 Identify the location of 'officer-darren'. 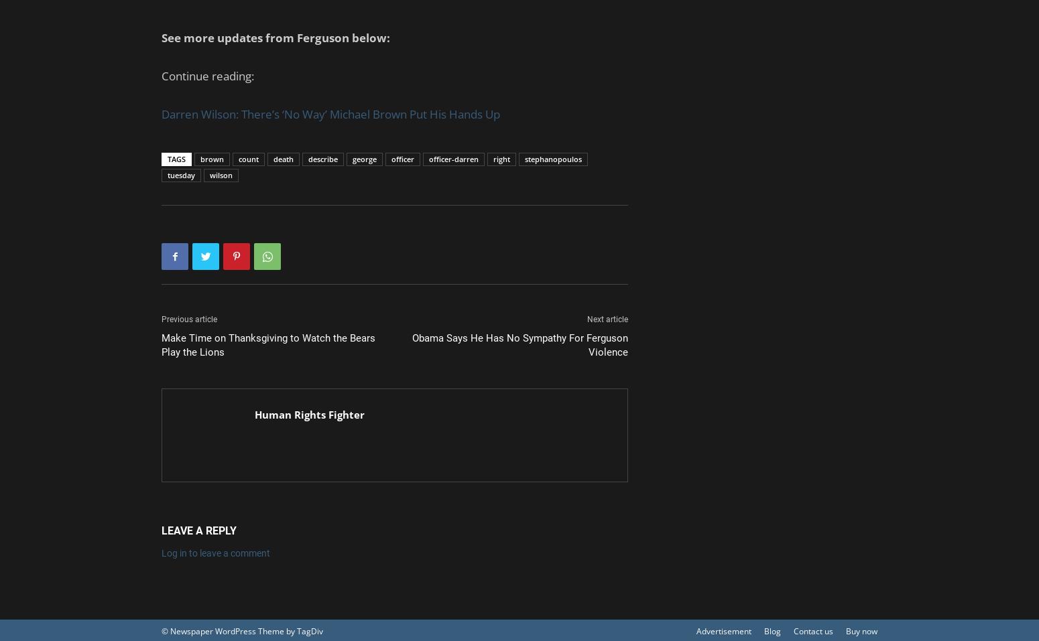
(453, 158).